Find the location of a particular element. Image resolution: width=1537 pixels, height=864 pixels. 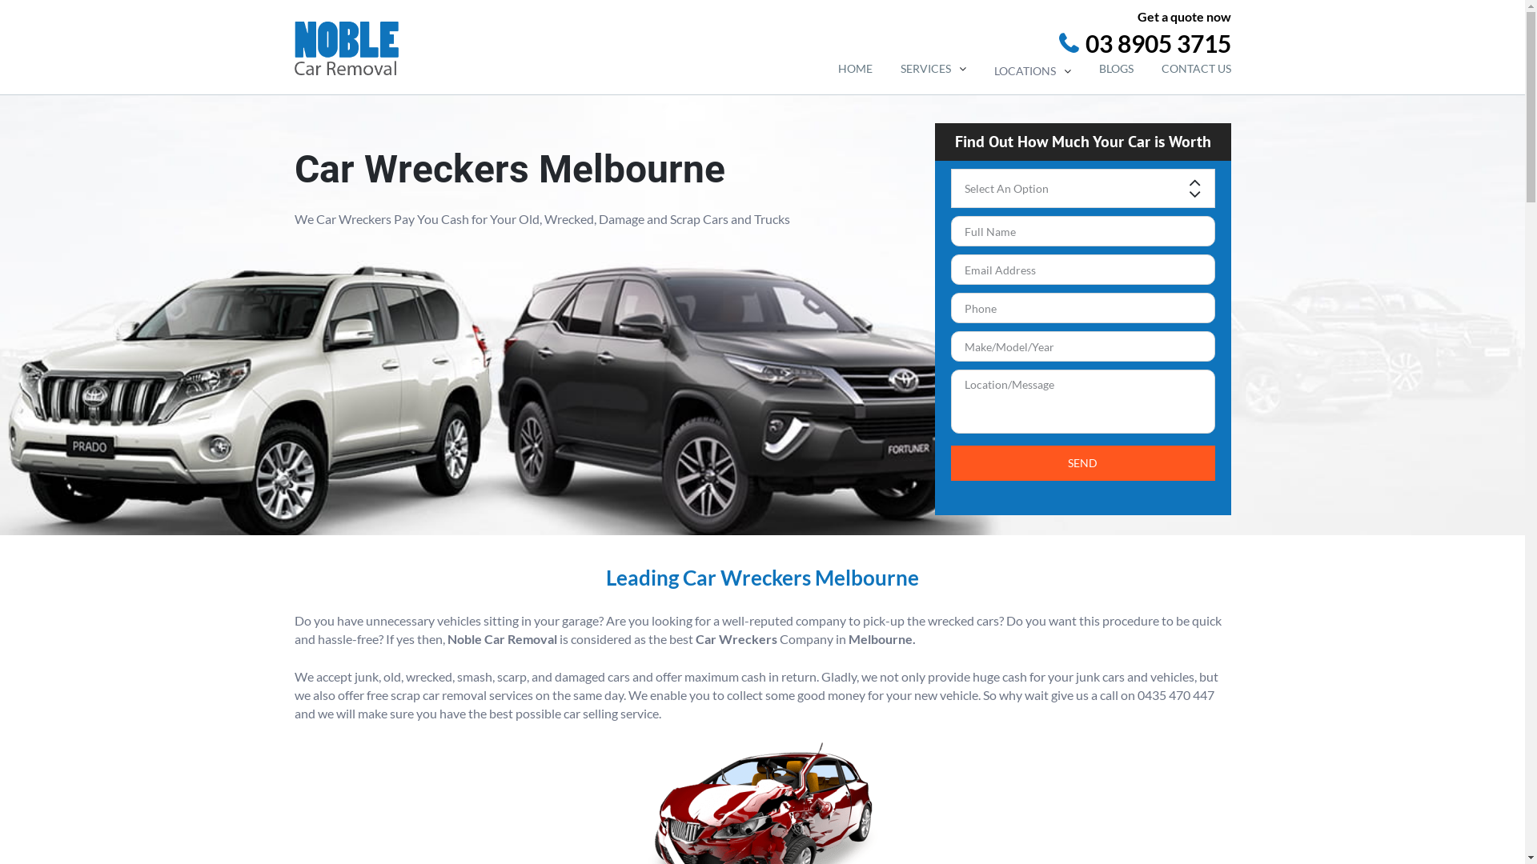

'Send' is located at coordinates (1083, 462).